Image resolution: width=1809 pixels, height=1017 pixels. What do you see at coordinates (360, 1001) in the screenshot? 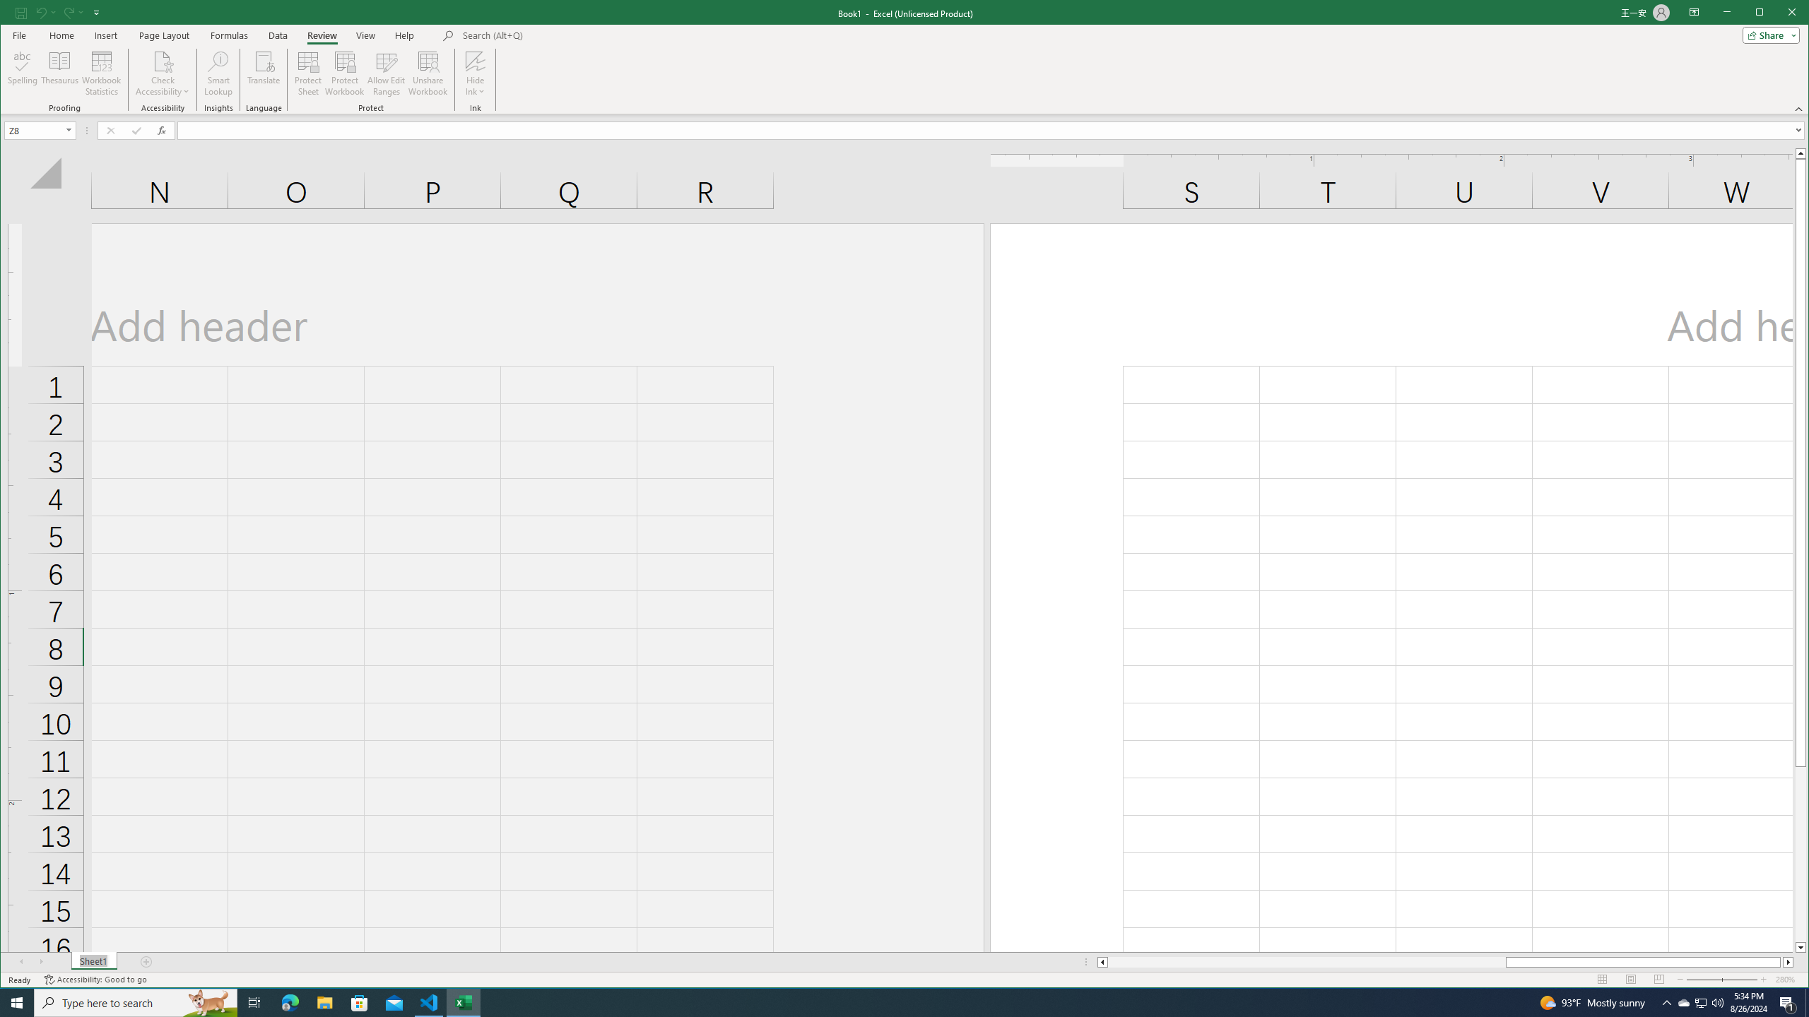
I see `'Microsoft Store'` at bounding box center [360, 1001].